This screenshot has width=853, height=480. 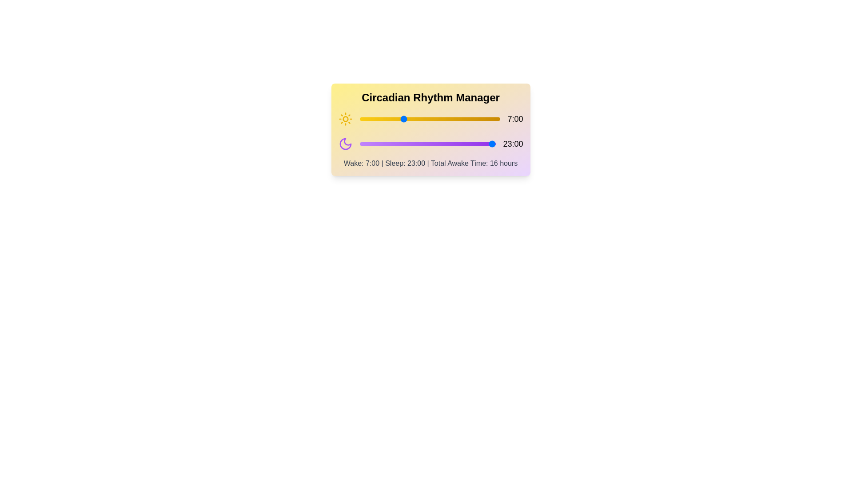 What do you see at coordinates (408, 118) in the screenshot?
I see `the wake hour to 8 by moving the slider` at bounding box center [408, 118].